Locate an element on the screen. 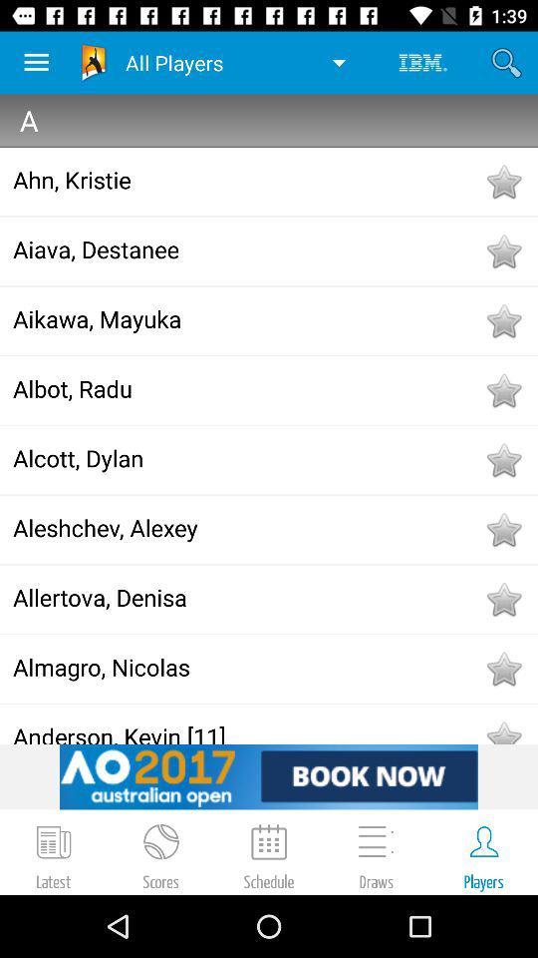  to favorites is located at coordinates (502, 182).